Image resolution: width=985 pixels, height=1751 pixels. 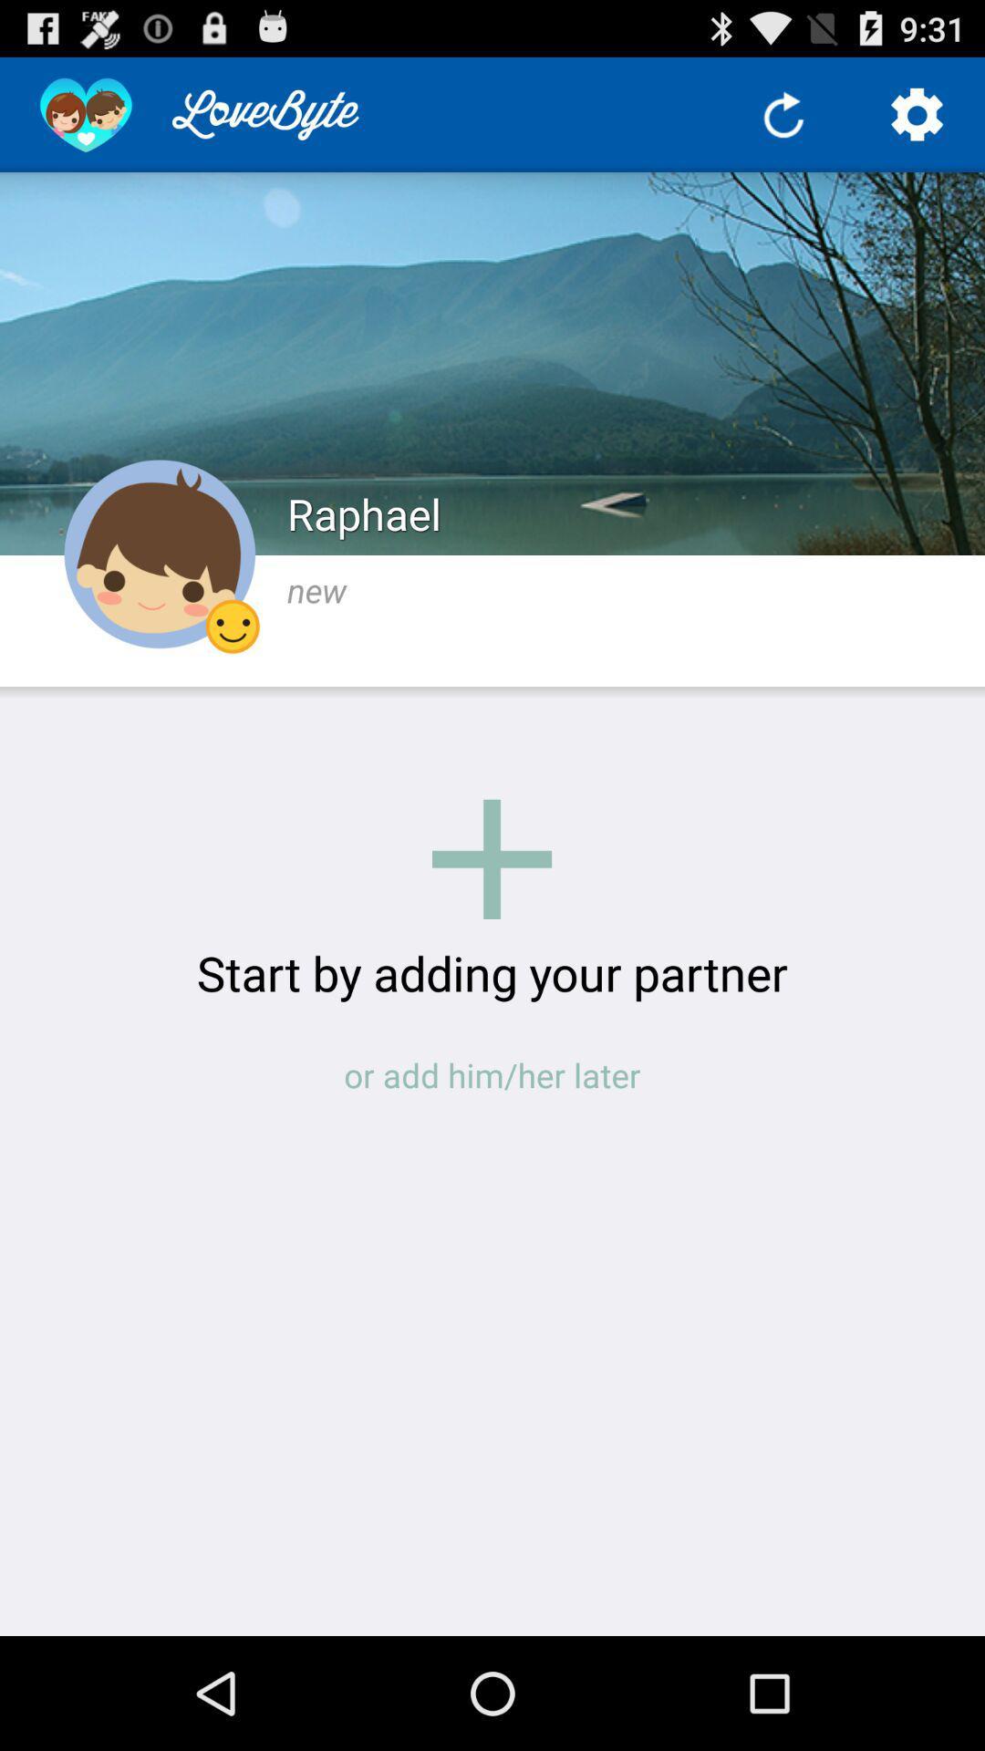 What do you see at coordinates (159, 554) in the screenshot?
I see `the item next to raphael app` at bounding box center [159, 554].